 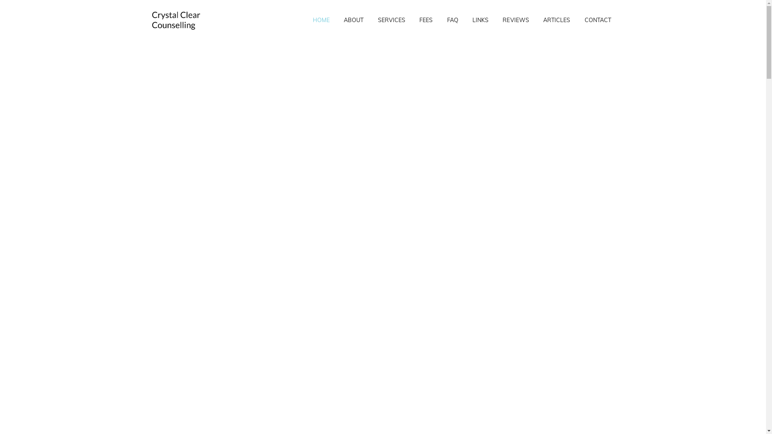 What do you see at coordinates (556, 20) in the screenshot?
I see `'ARTICLES'` at bounding box center [556, 20].